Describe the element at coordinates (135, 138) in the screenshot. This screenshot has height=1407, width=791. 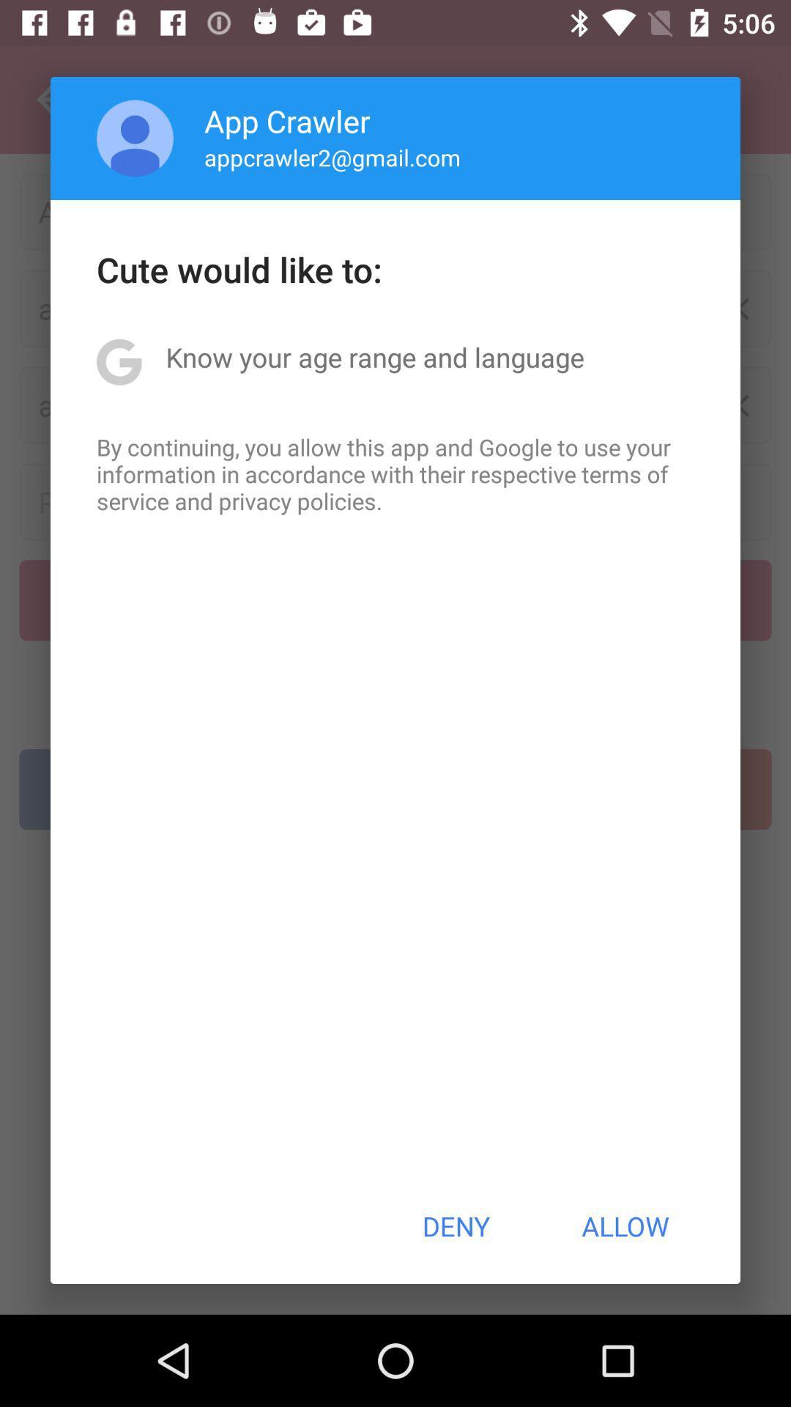
I see `the item next to the app crawler item` at that location.